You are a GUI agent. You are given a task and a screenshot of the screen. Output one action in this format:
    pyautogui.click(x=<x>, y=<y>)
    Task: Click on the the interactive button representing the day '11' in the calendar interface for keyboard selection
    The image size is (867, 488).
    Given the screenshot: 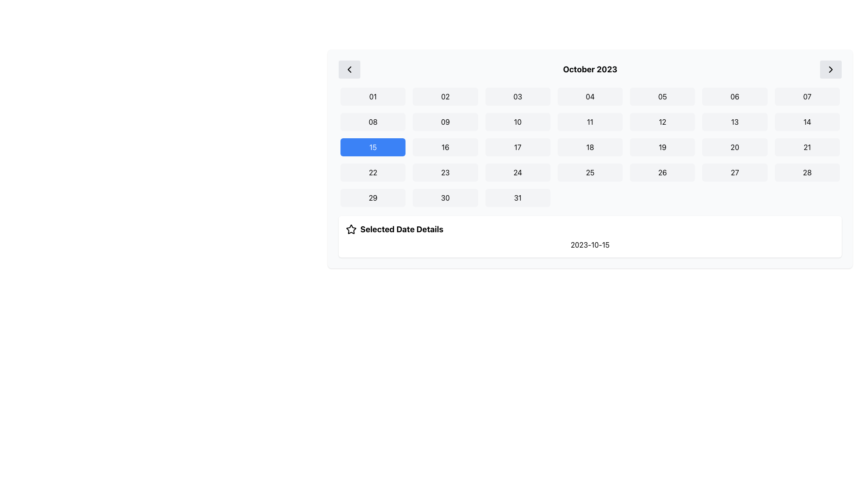 What is the action you would take?
    pyautogui.click(x=590, y=122)
    